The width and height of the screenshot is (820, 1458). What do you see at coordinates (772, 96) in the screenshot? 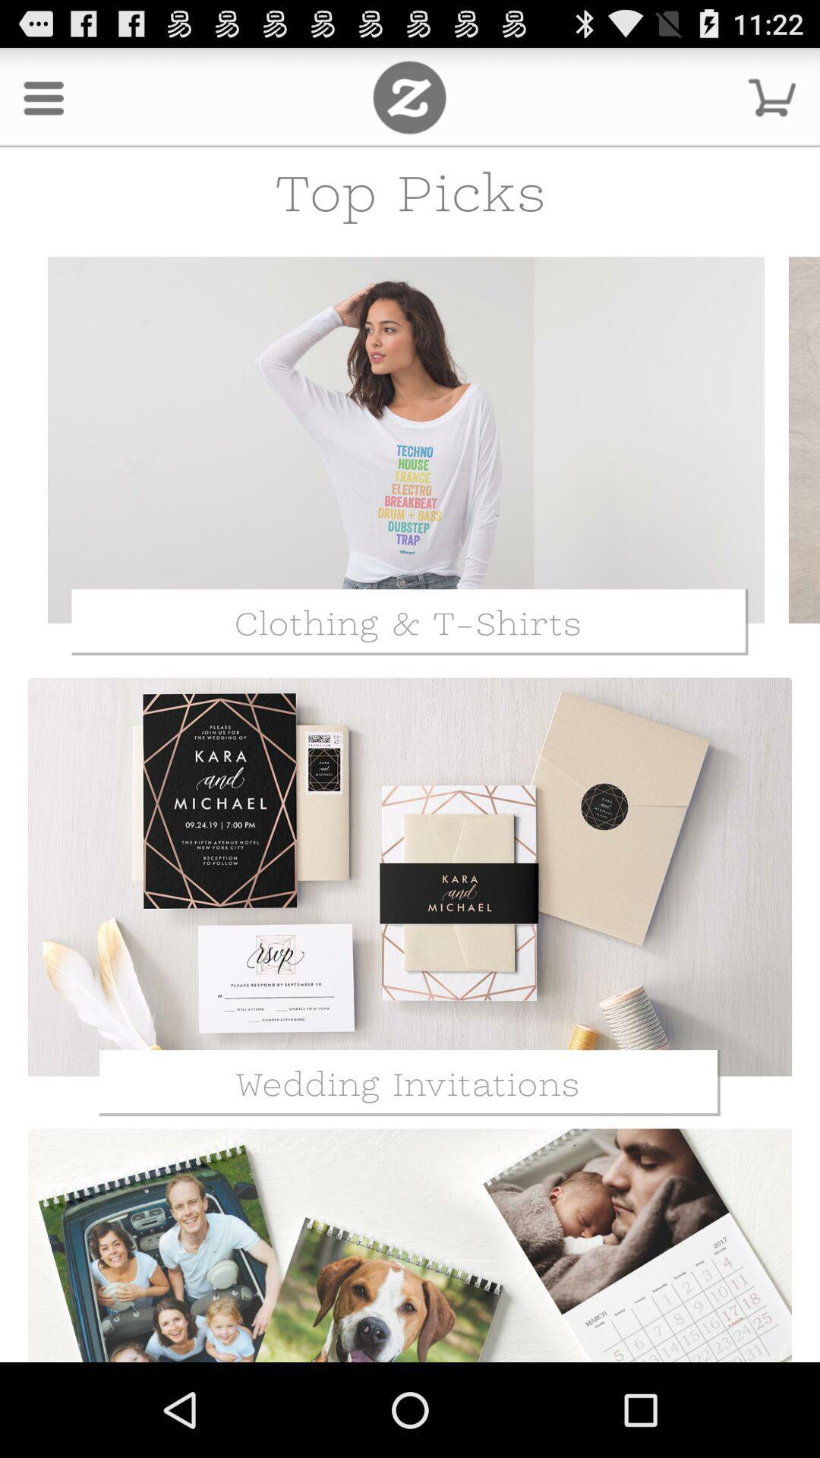
I see `shopping cart` at bounding box center [772, 96].